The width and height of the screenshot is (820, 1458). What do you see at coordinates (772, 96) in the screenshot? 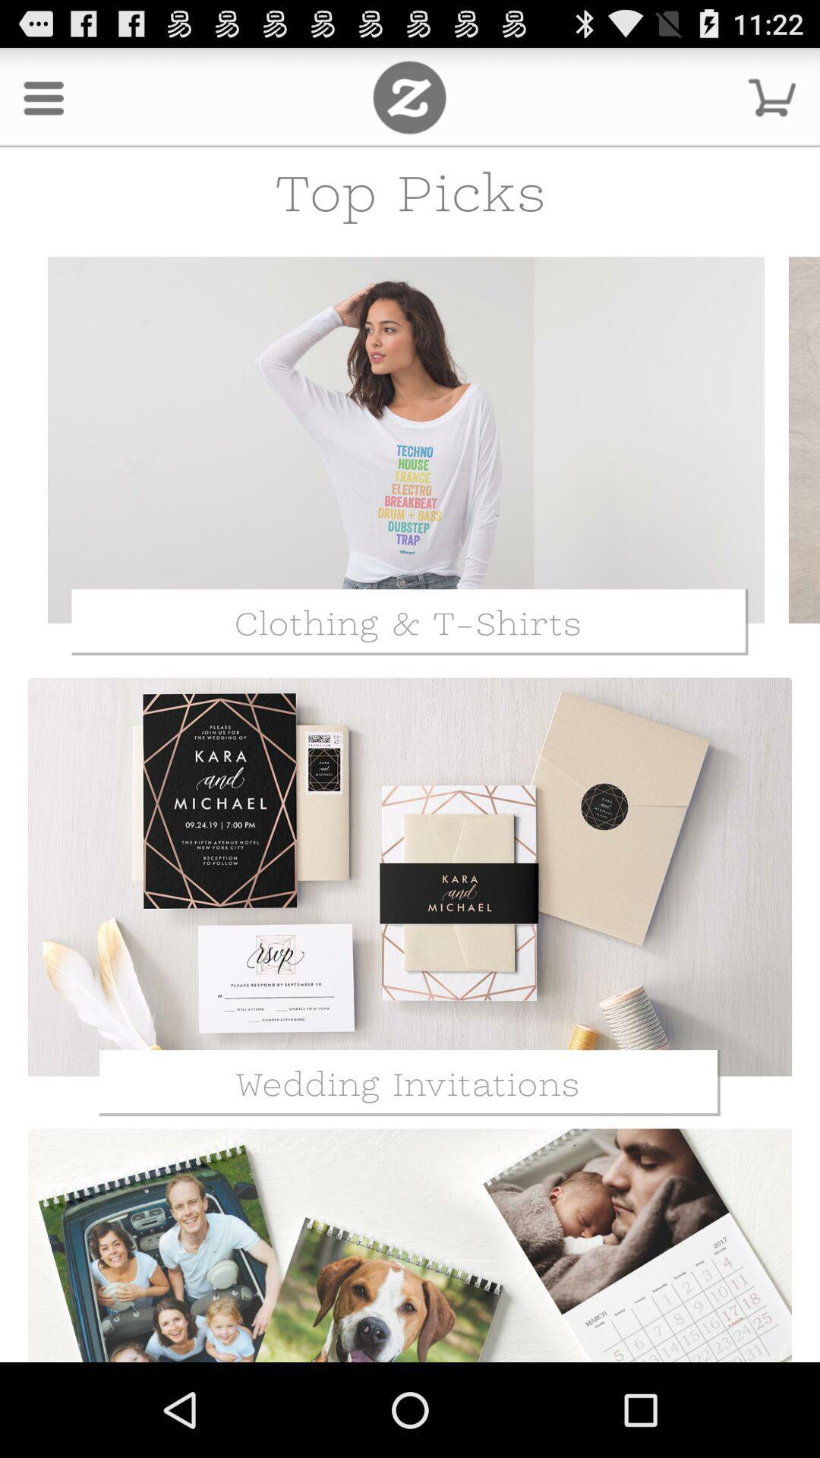
I see `shopping cart` at bounding box center [772, 96].